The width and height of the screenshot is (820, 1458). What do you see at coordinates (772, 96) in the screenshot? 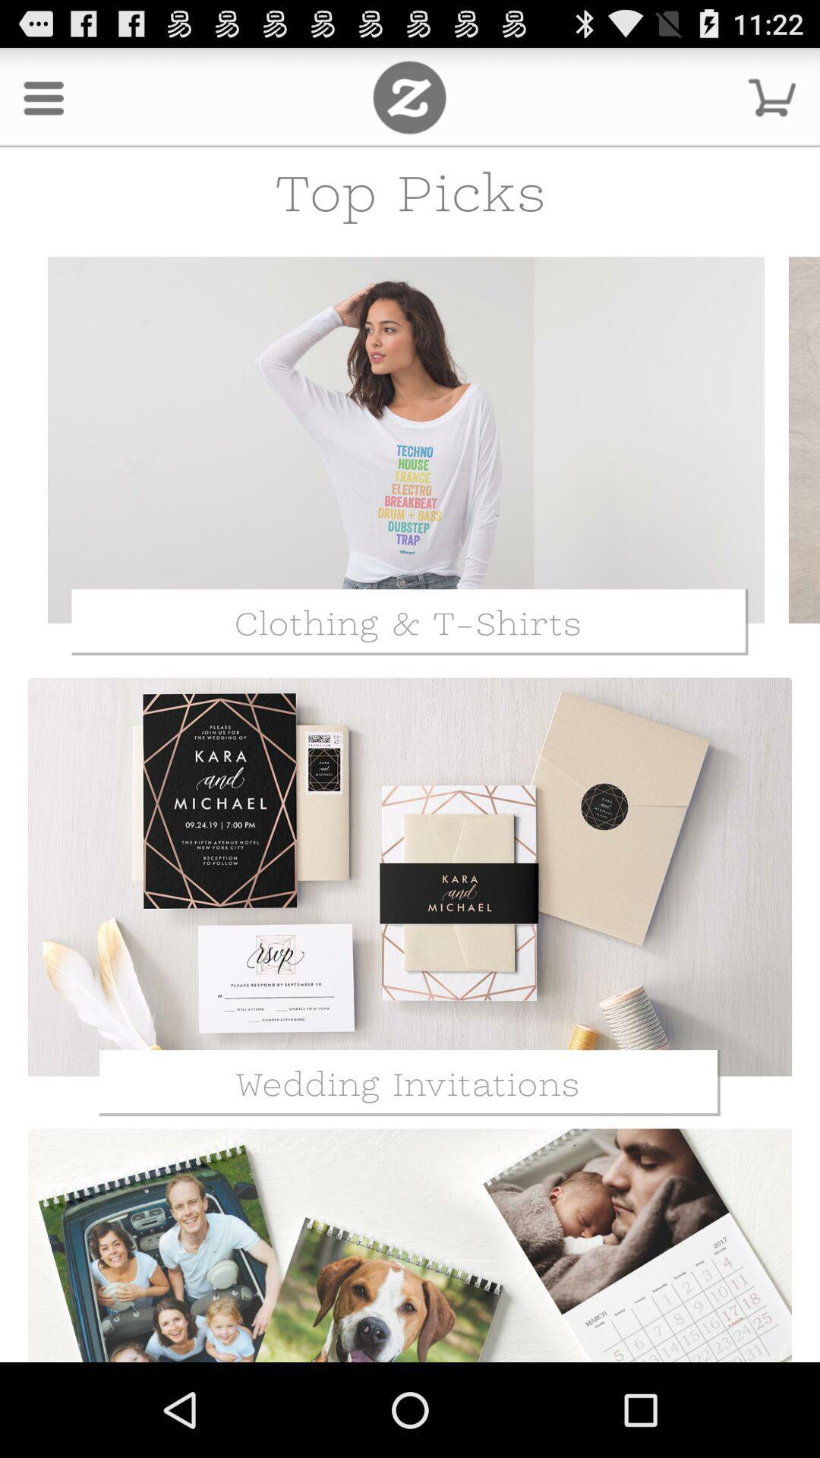
I see `shopping cart` at bounding box center [772, 96].